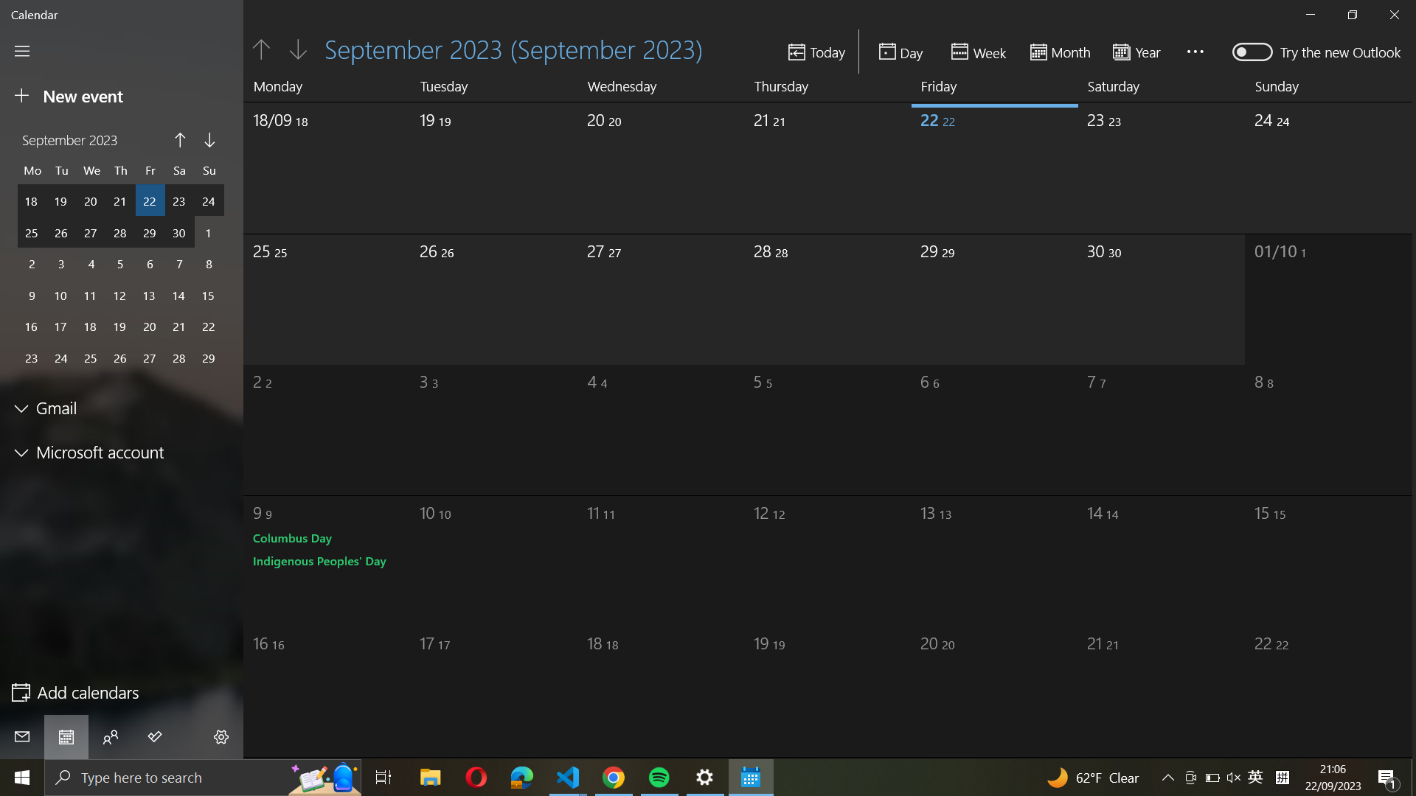 The height and width of the screenshot is (796, 1416). I want to click on Switch to a different option using Tab key, so click(221, 739).